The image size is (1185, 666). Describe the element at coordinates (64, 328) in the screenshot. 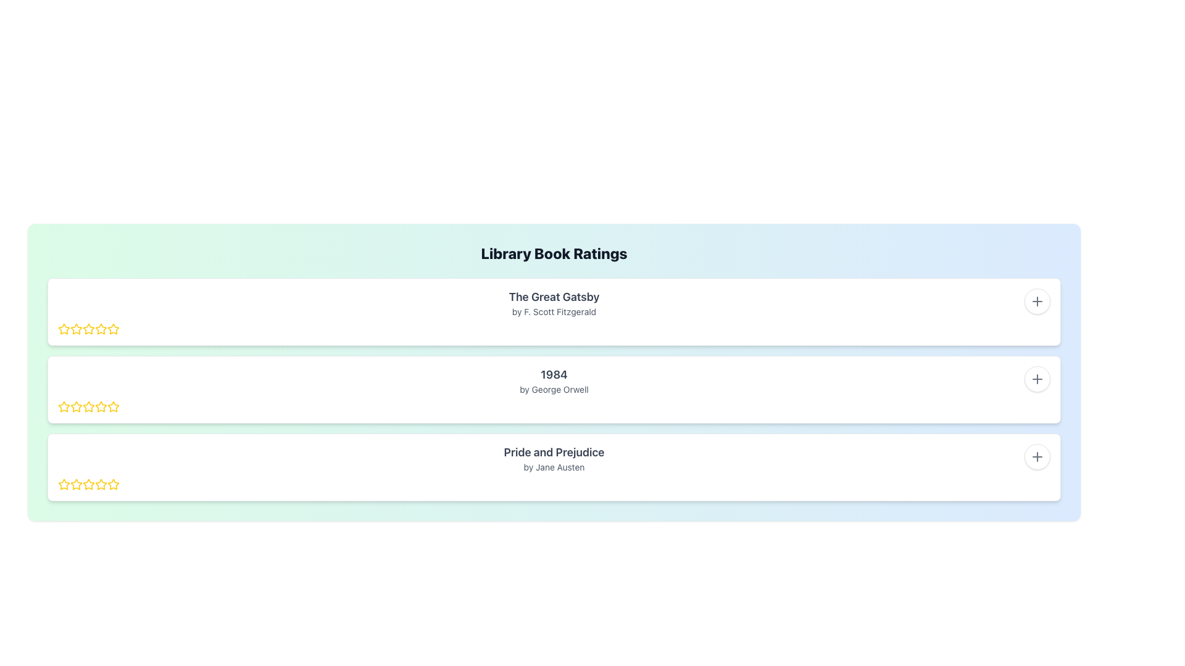

I see `the first yellow star icon in the rating interface for 'The Great Gatsby'` at that location.